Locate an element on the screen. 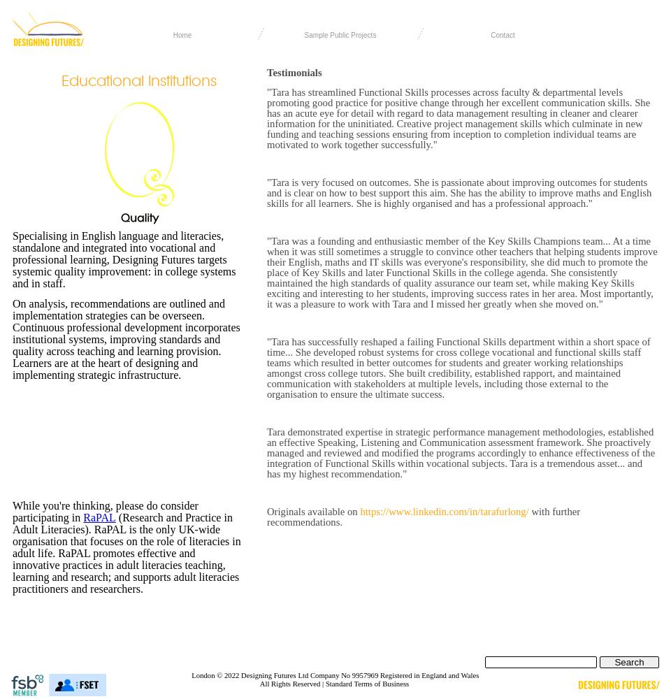 The width and height of the screenshot is (671, 699). '"Tara is very focused on outcomes. She is passionate about improving outcomes for students and is clear on how to best support this aim. She has the ability to improve maths and English skills for all learners. She is highly organised and has a professional approach."' is located at coordinates (459, 193).